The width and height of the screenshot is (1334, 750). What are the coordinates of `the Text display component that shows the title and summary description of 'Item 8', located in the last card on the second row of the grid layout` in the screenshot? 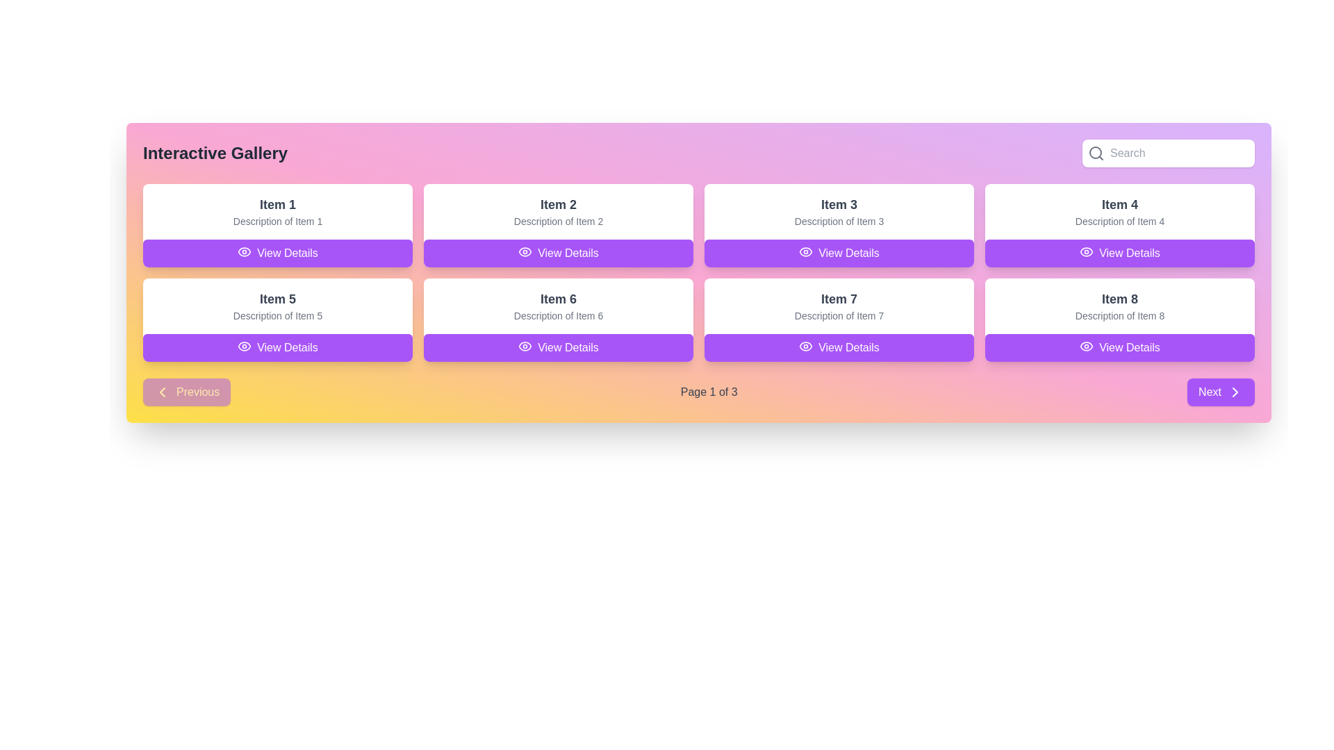 It's located at (1120, 305).